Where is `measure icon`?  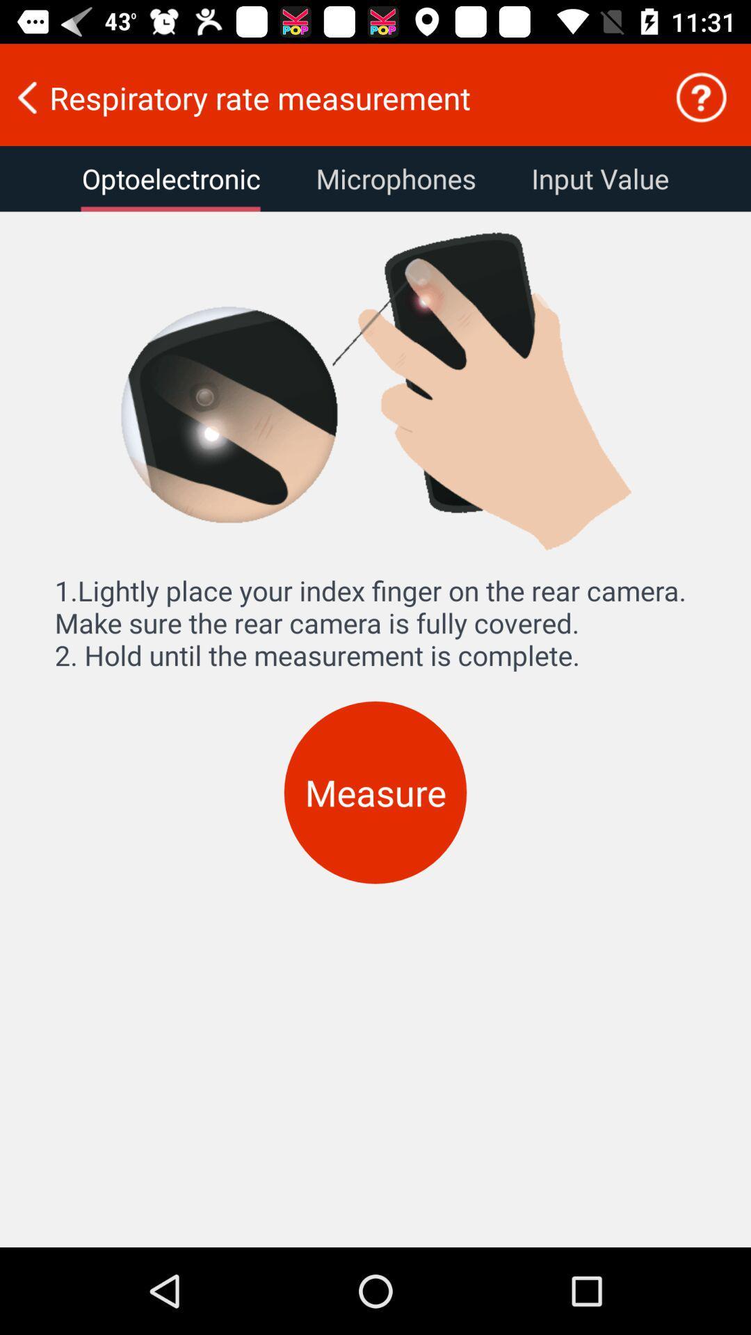
measure icon is located at coordinates (375, 793).